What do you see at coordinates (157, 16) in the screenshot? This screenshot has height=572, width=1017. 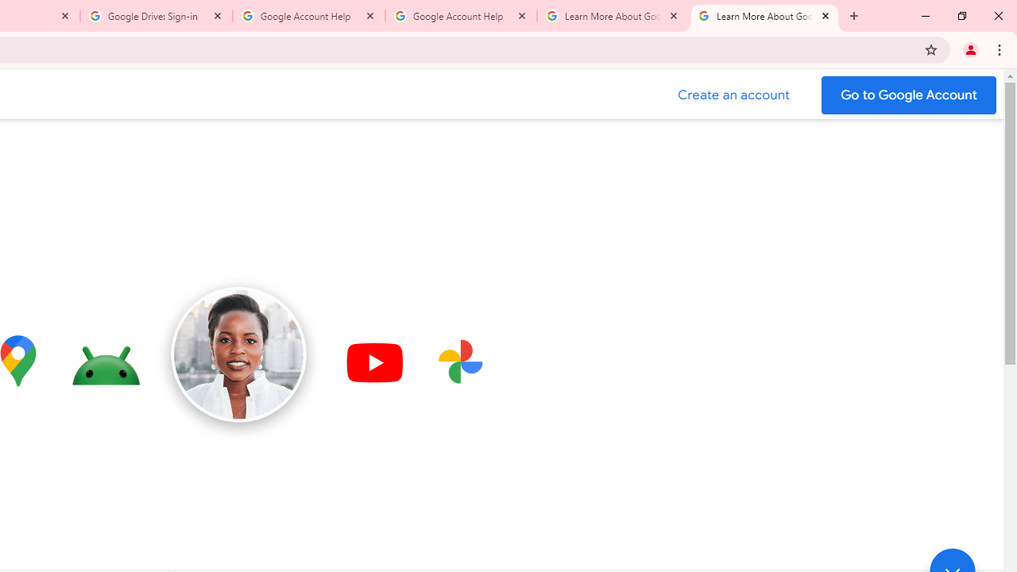 I see `'Google Drive: Sign-in'` at bounding box center [157, 16].